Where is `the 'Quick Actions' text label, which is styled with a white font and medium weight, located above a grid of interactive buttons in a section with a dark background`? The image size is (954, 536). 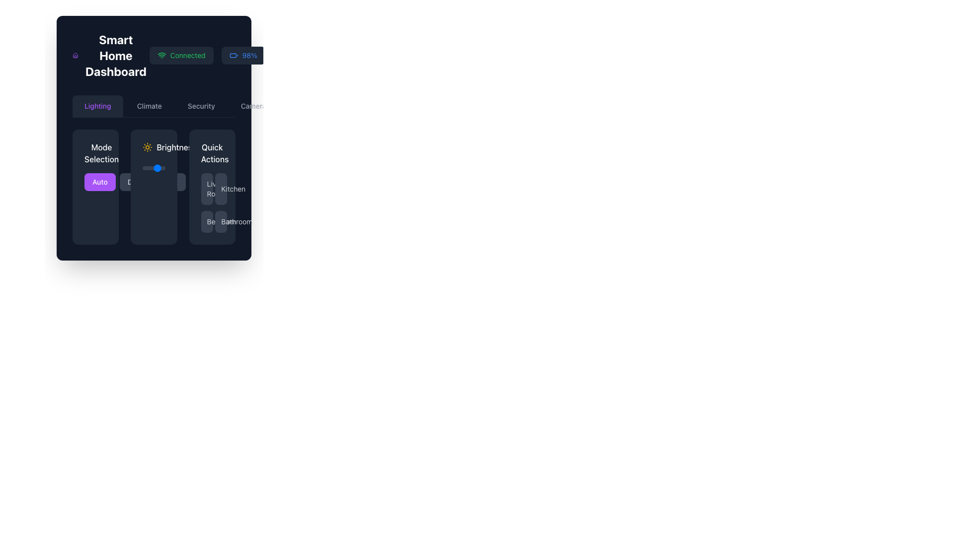
the 'Quick Actions' text label, which is styled with a white font and medium weight, located above a grid of interactive buttons in a section with a dark background is located at coordinates (212, 153).